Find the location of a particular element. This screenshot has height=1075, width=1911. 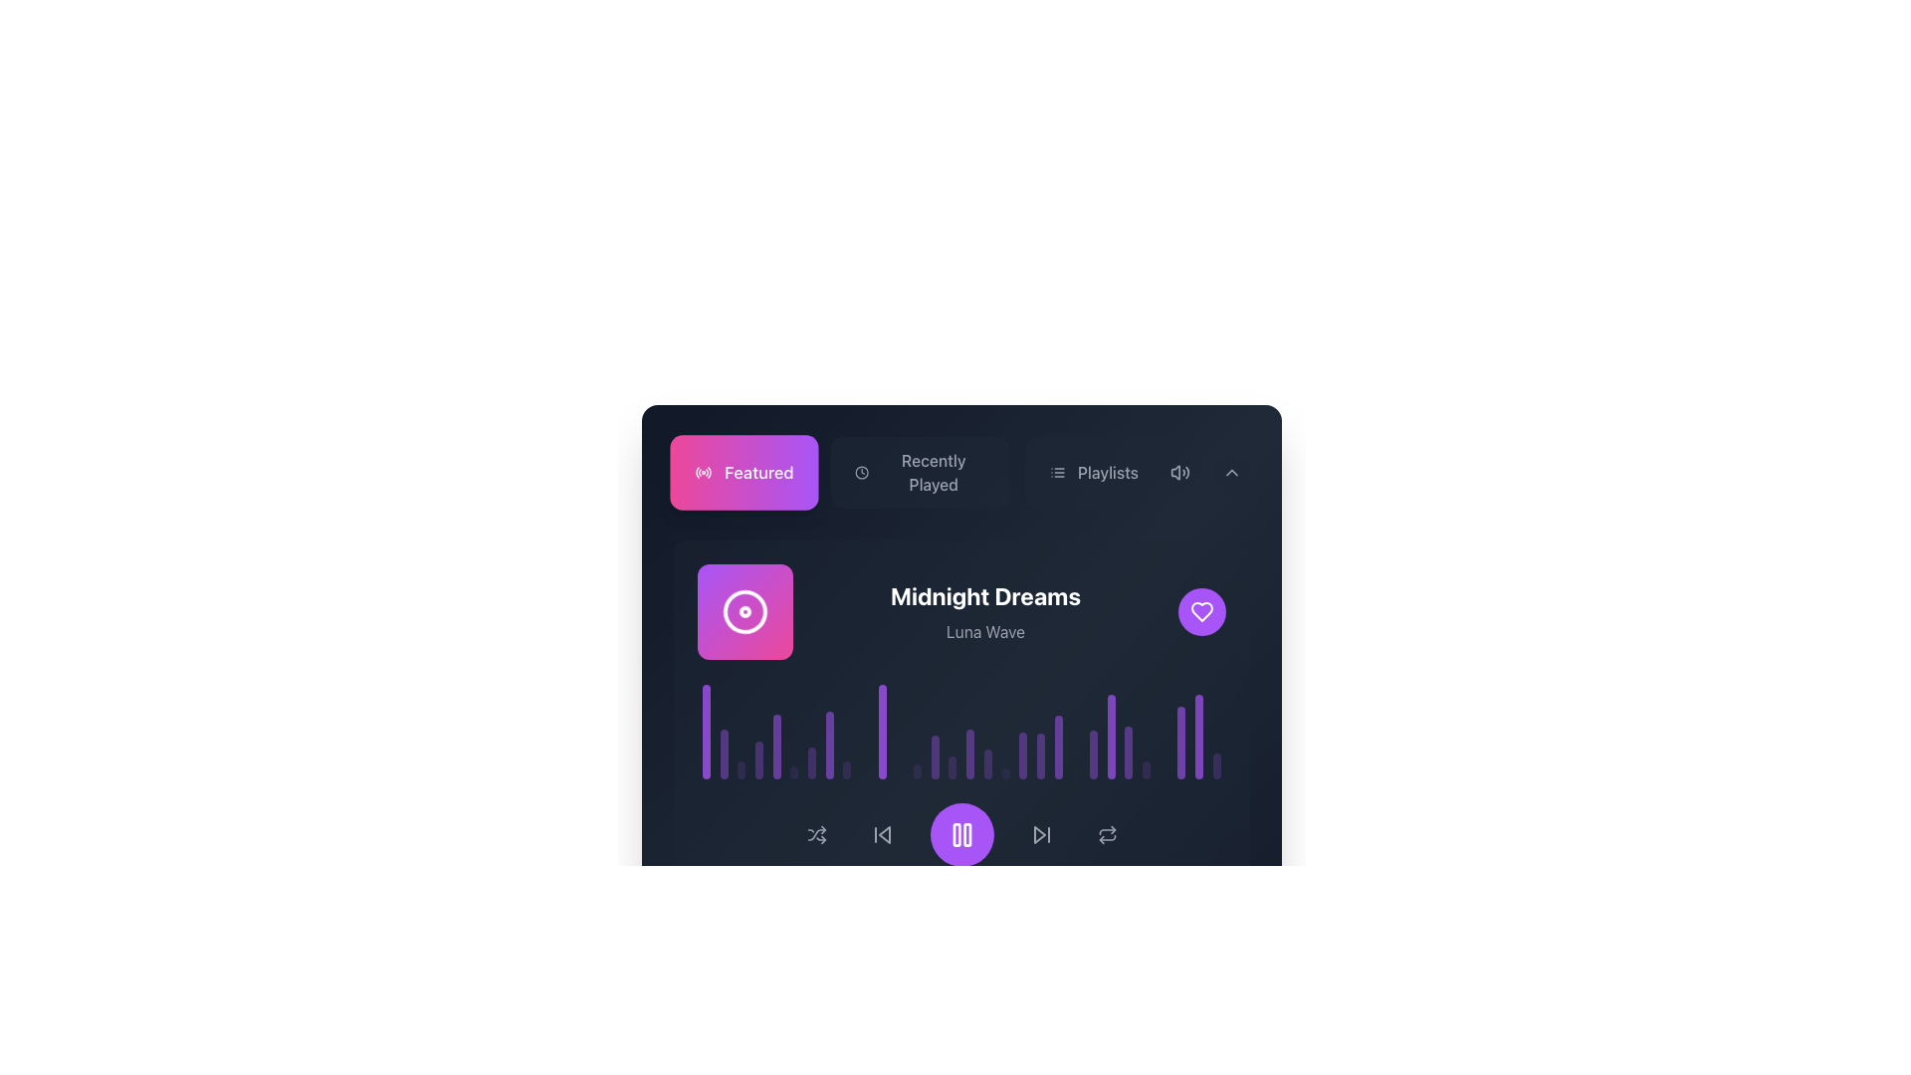

the Animation Icon, which is a circular spinning icon with concentric circles outlined in a gradient from purple to pink, located near the top-left area of the interface is located at coordinates (743, 610).